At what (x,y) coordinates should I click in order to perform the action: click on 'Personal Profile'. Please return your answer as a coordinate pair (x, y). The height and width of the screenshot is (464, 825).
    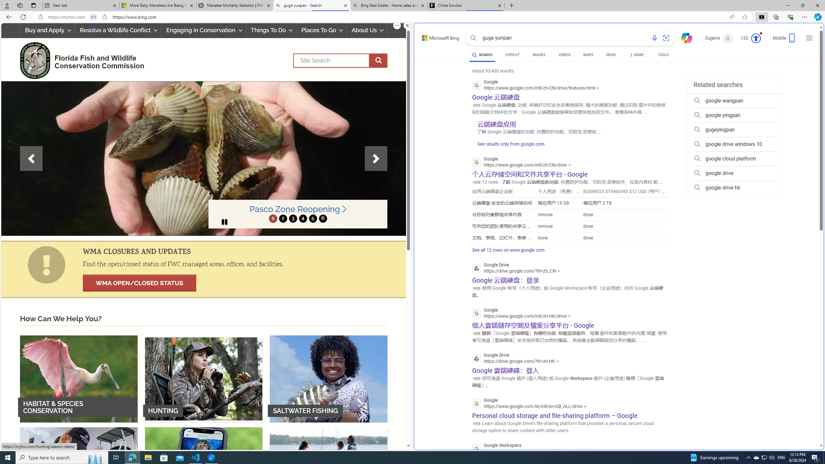
    Looking at the image, I should click on (6, 5).